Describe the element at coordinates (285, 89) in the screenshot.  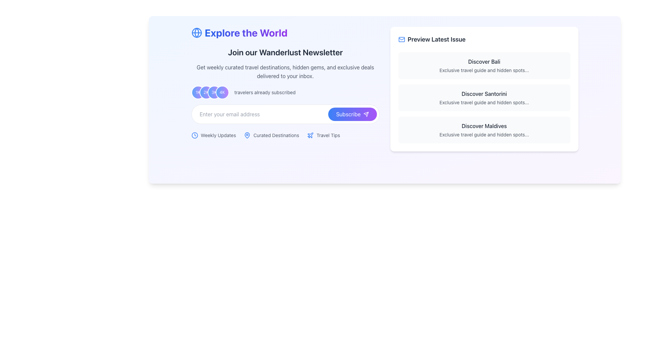
I see `the text section containing the phrase 'travelers already subscribed', which is styled with small gray text and located beneath the circular icons labeled '1K', '2K', '3K', and '4K'` at that location.